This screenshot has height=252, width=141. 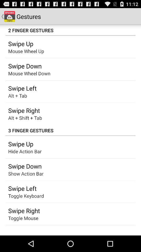 What do you see at coordinates (23, 218) in the screenshot?
I see `toggle mouse icon` at bounding box center [23, 218].